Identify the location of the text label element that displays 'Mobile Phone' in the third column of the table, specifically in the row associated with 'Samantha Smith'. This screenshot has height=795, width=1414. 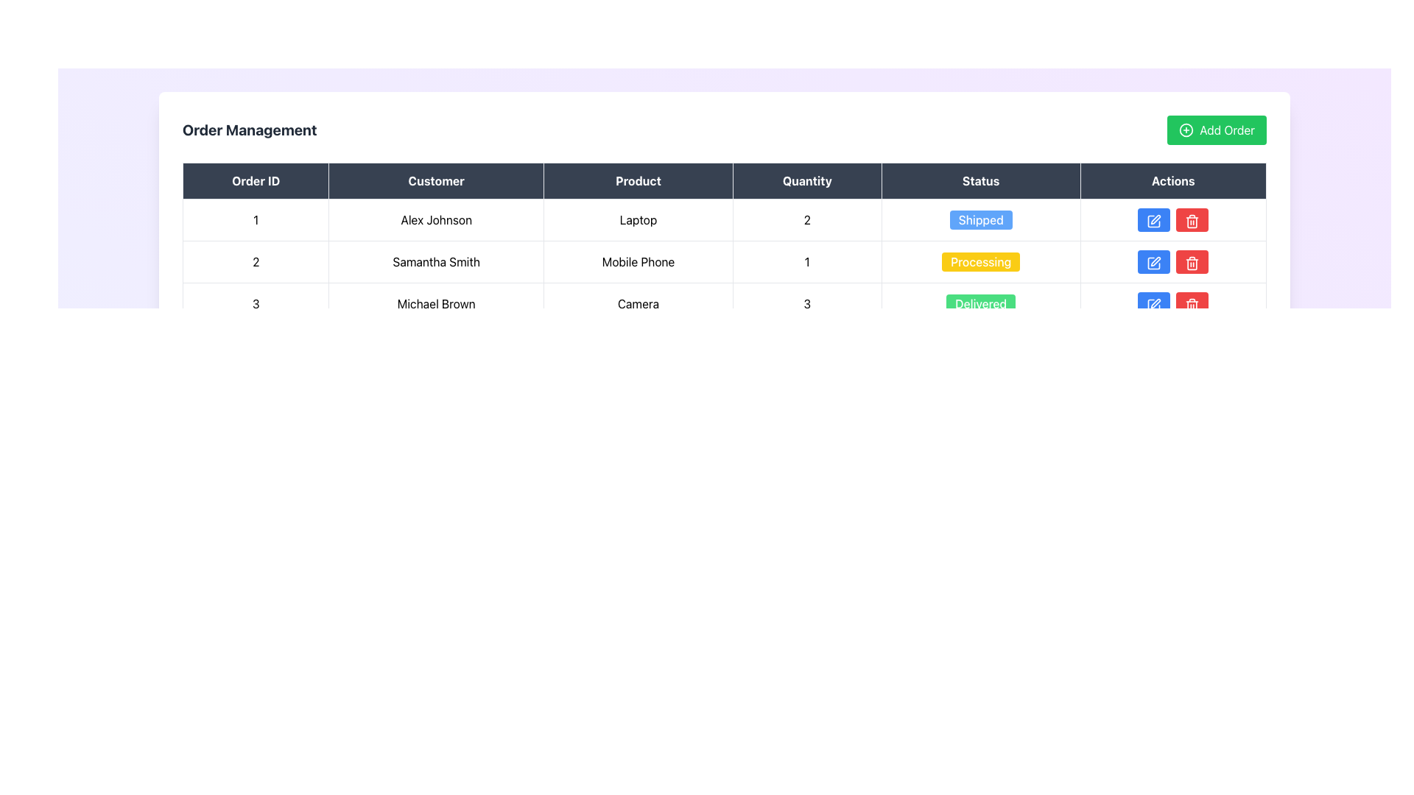
(639, 261).